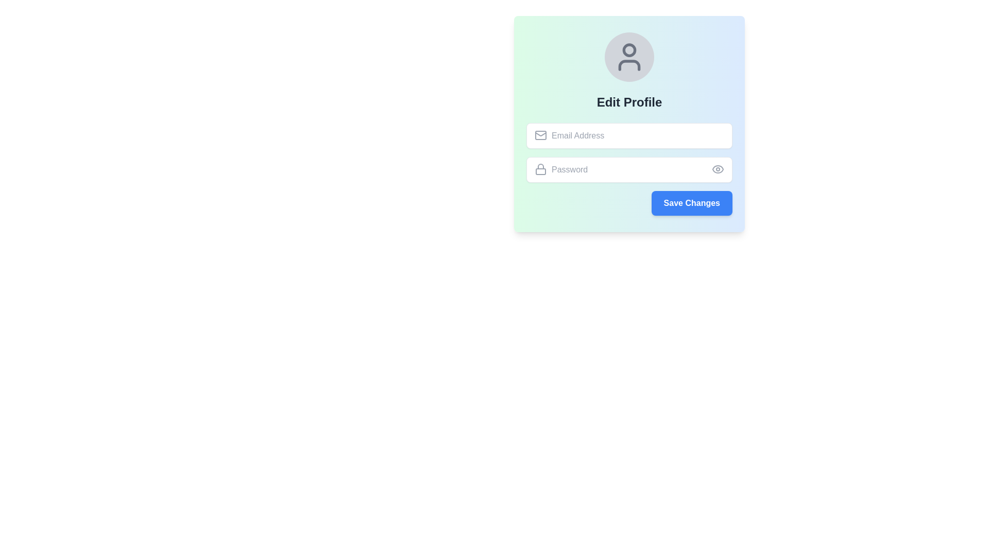 Image resolution: width=989 pixels, height=556 pixels. I want to click on the password indicator icon located on the left side of the password input field, just before the placeholder text 'Password', so click(540, 168).